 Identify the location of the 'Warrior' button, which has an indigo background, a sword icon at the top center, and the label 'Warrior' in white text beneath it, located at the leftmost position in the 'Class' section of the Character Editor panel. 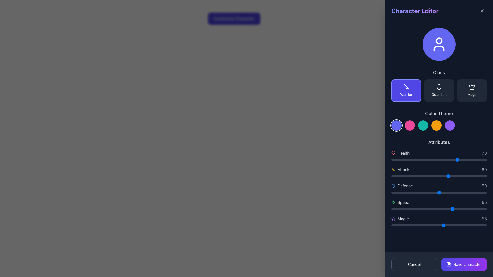
(406, 90).